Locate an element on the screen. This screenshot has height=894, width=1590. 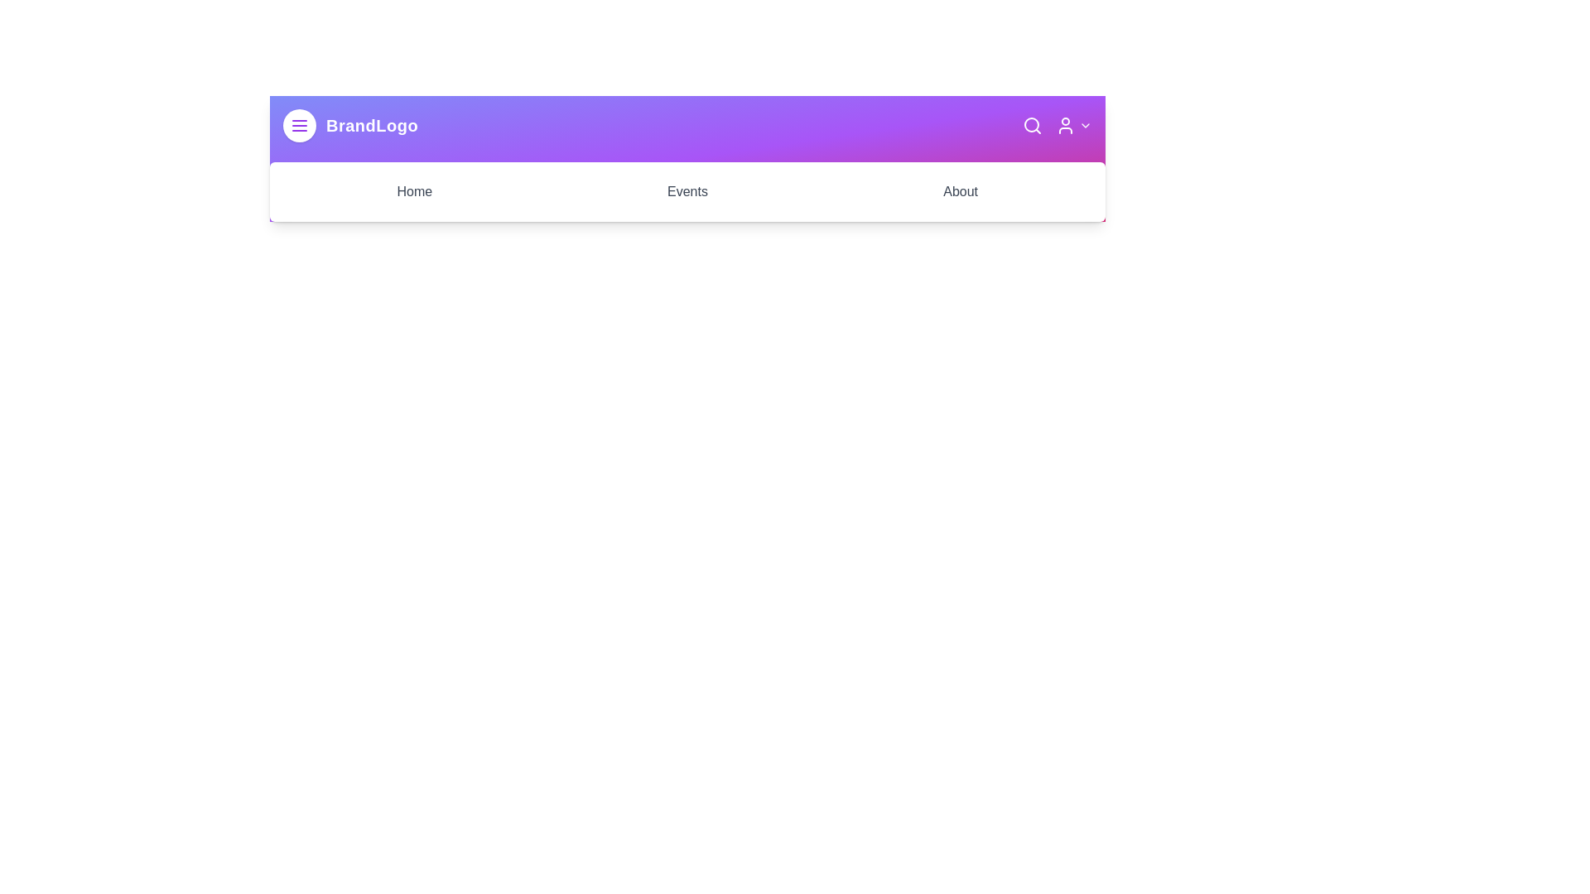
the 'About' link in the navigation bar is located at coordinates (961, 190).